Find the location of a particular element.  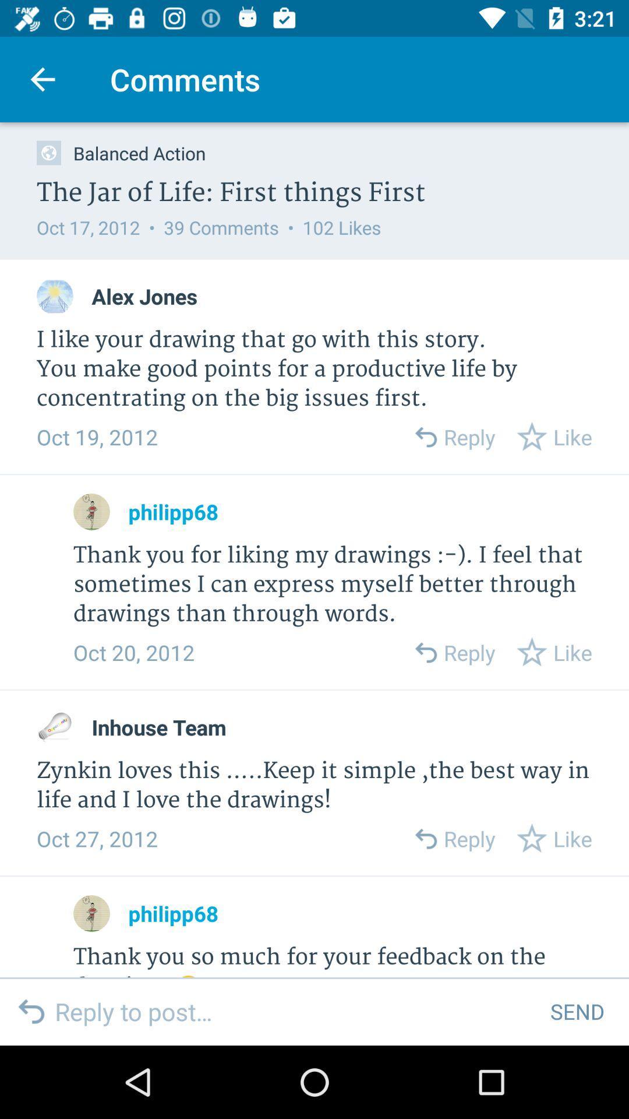

the i like your item is located at coordinates (314, 369).